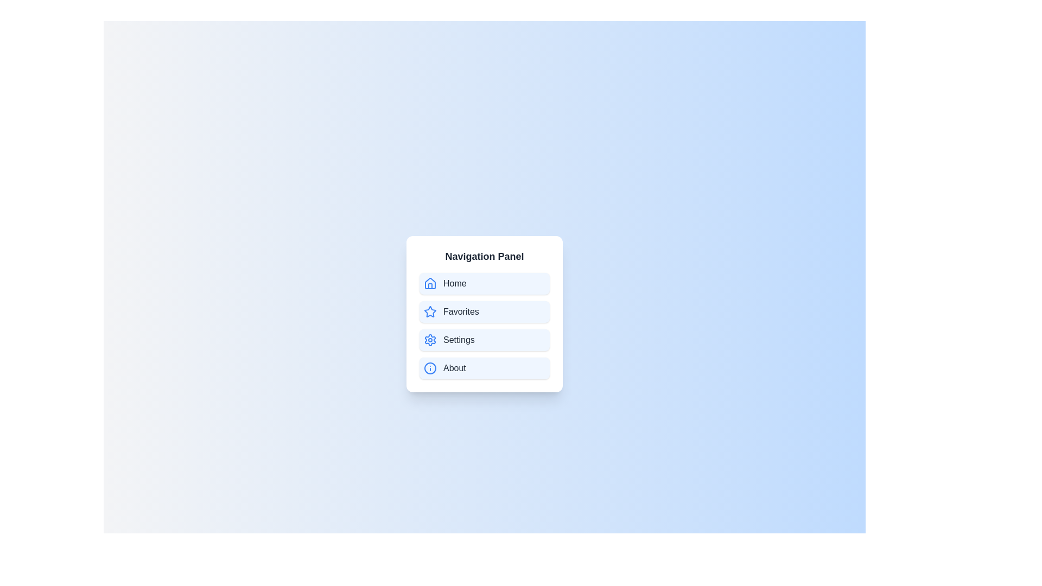 The width and height of the screenshot is (1042, 586). Describe the element at coordinates (484, 257) in the screenshot. I see `the bold textual label 'Navigation Panel' at the top of the navigation menu, which is styled with large font and dark gray coloring` at that location.